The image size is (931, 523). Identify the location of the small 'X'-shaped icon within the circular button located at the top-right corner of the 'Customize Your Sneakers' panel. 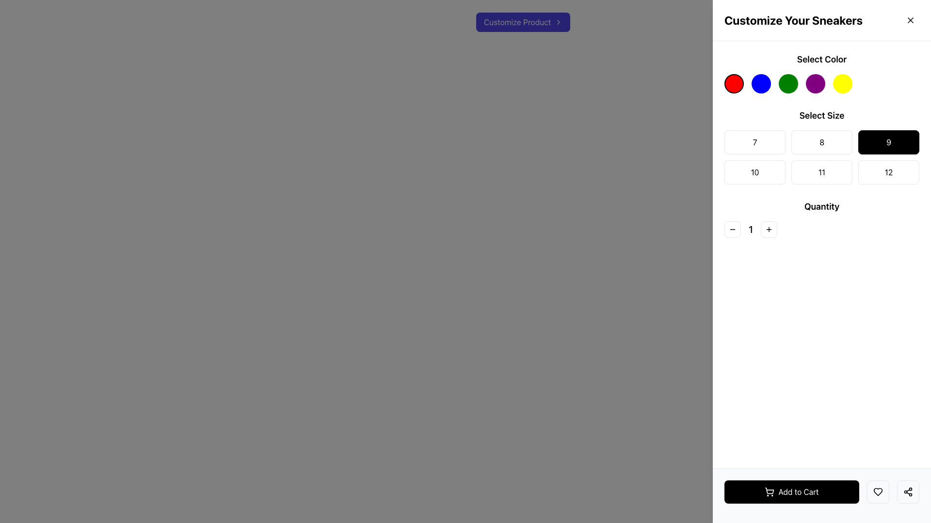
(910, 20).